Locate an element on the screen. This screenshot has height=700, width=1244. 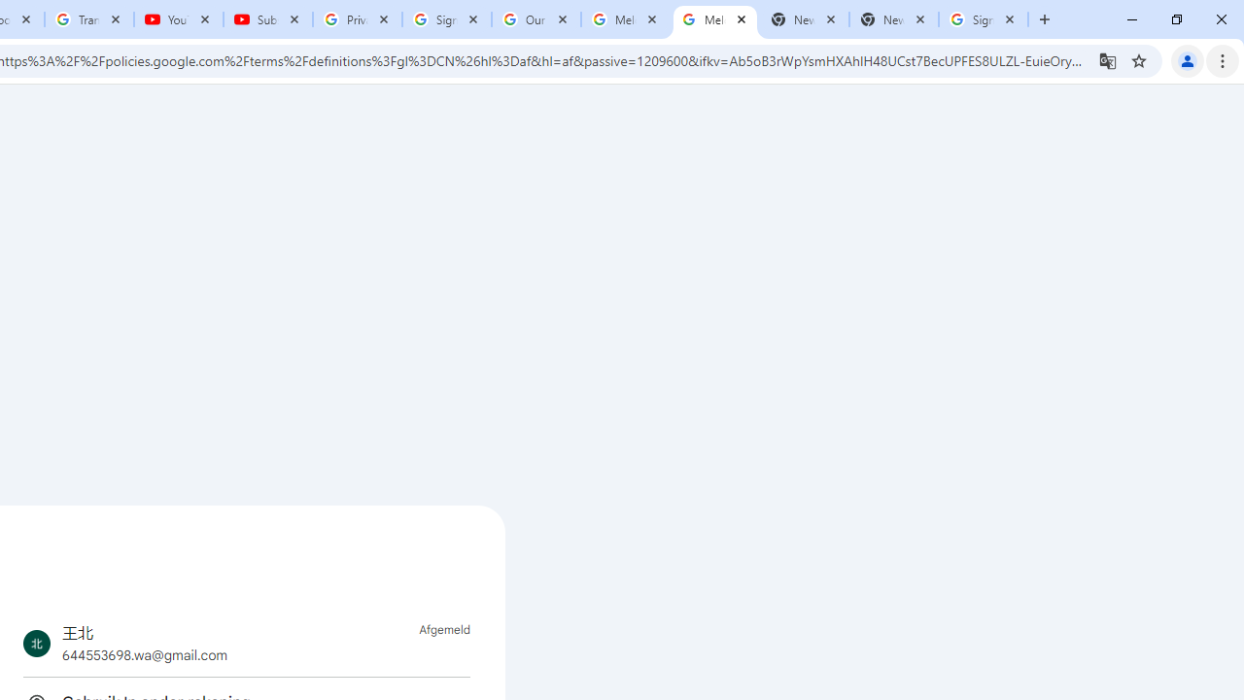
'New Tab' is located at coordinates (893, 19).